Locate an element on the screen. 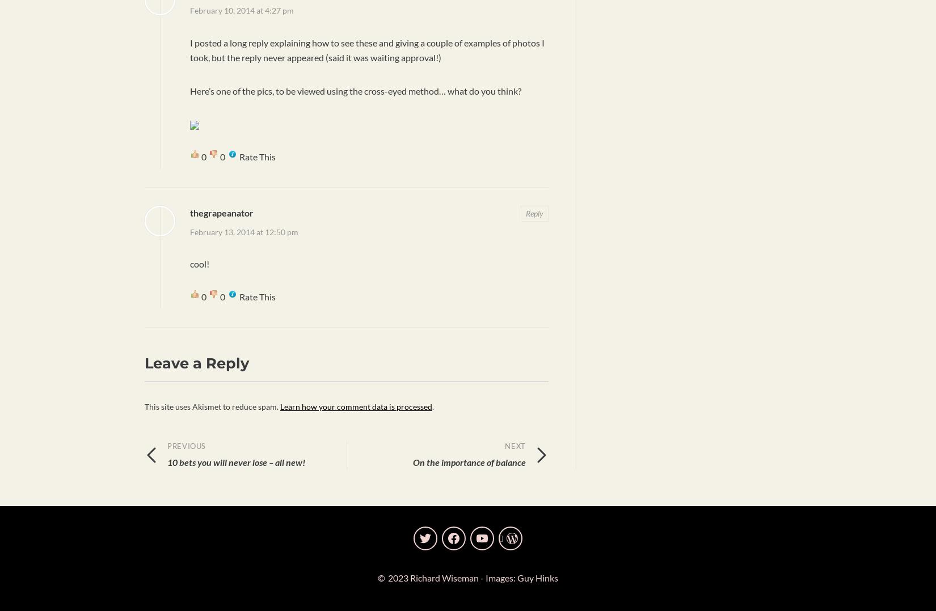 The height and width of the screenshot is (611, 936). 'Reply' is located at coordinates (534, 213).